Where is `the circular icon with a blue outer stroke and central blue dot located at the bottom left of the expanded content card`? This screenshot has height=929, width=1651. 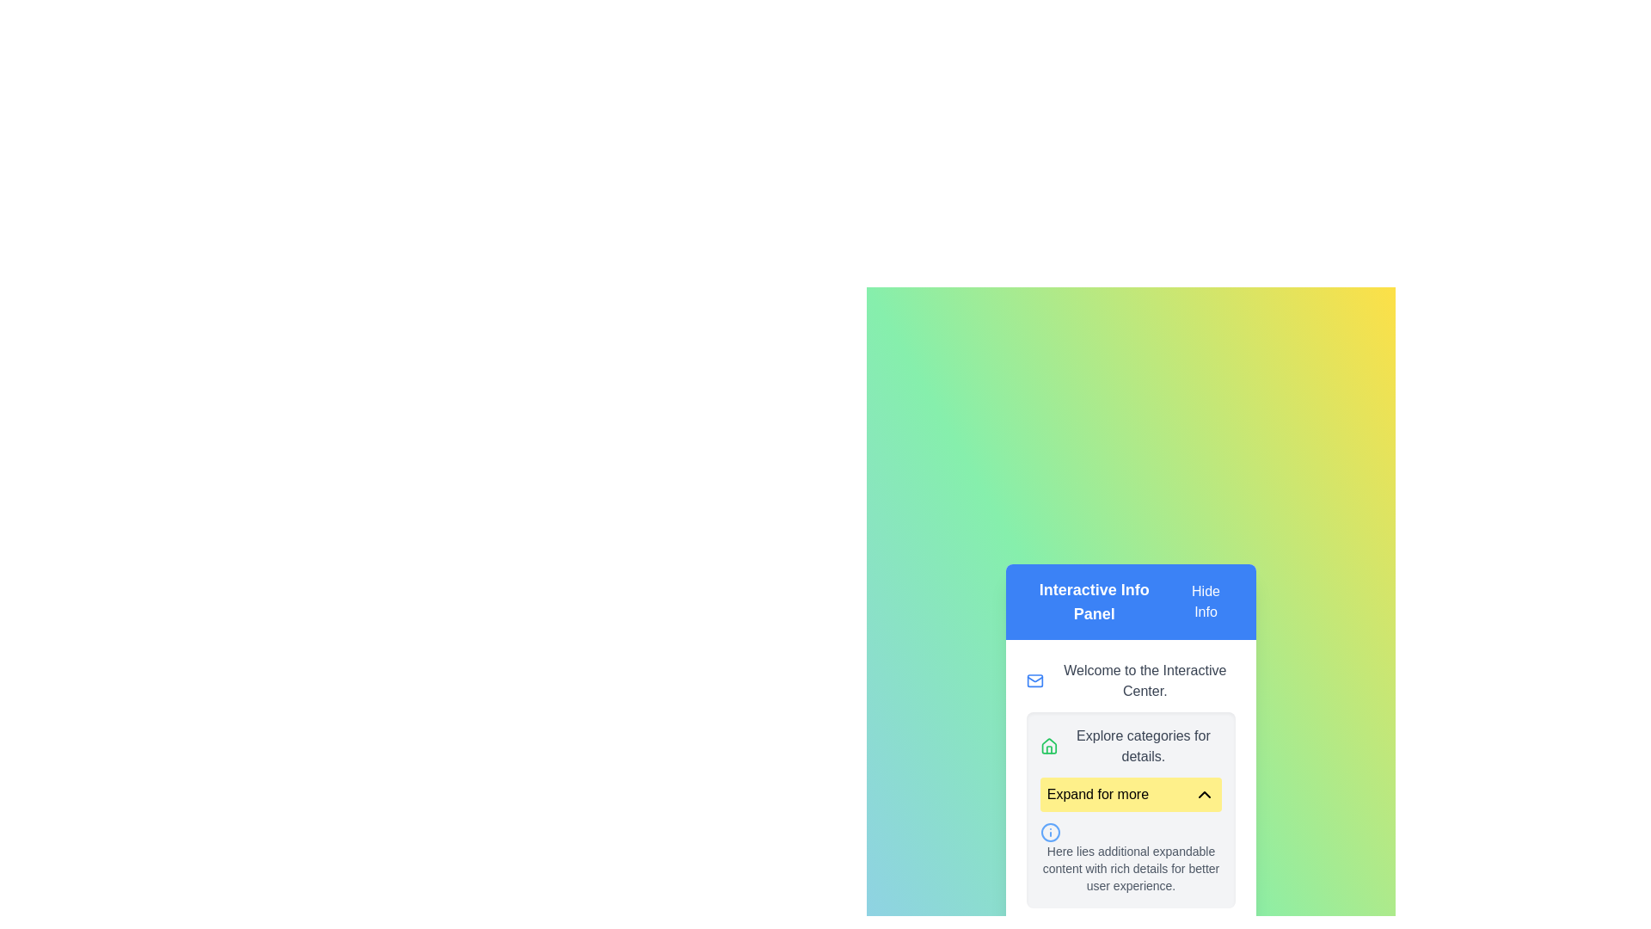
the circular icon with a blue outer stroke and central blue dot located at the bottom left of the expanded content card is located at coordinates (1049, 832).